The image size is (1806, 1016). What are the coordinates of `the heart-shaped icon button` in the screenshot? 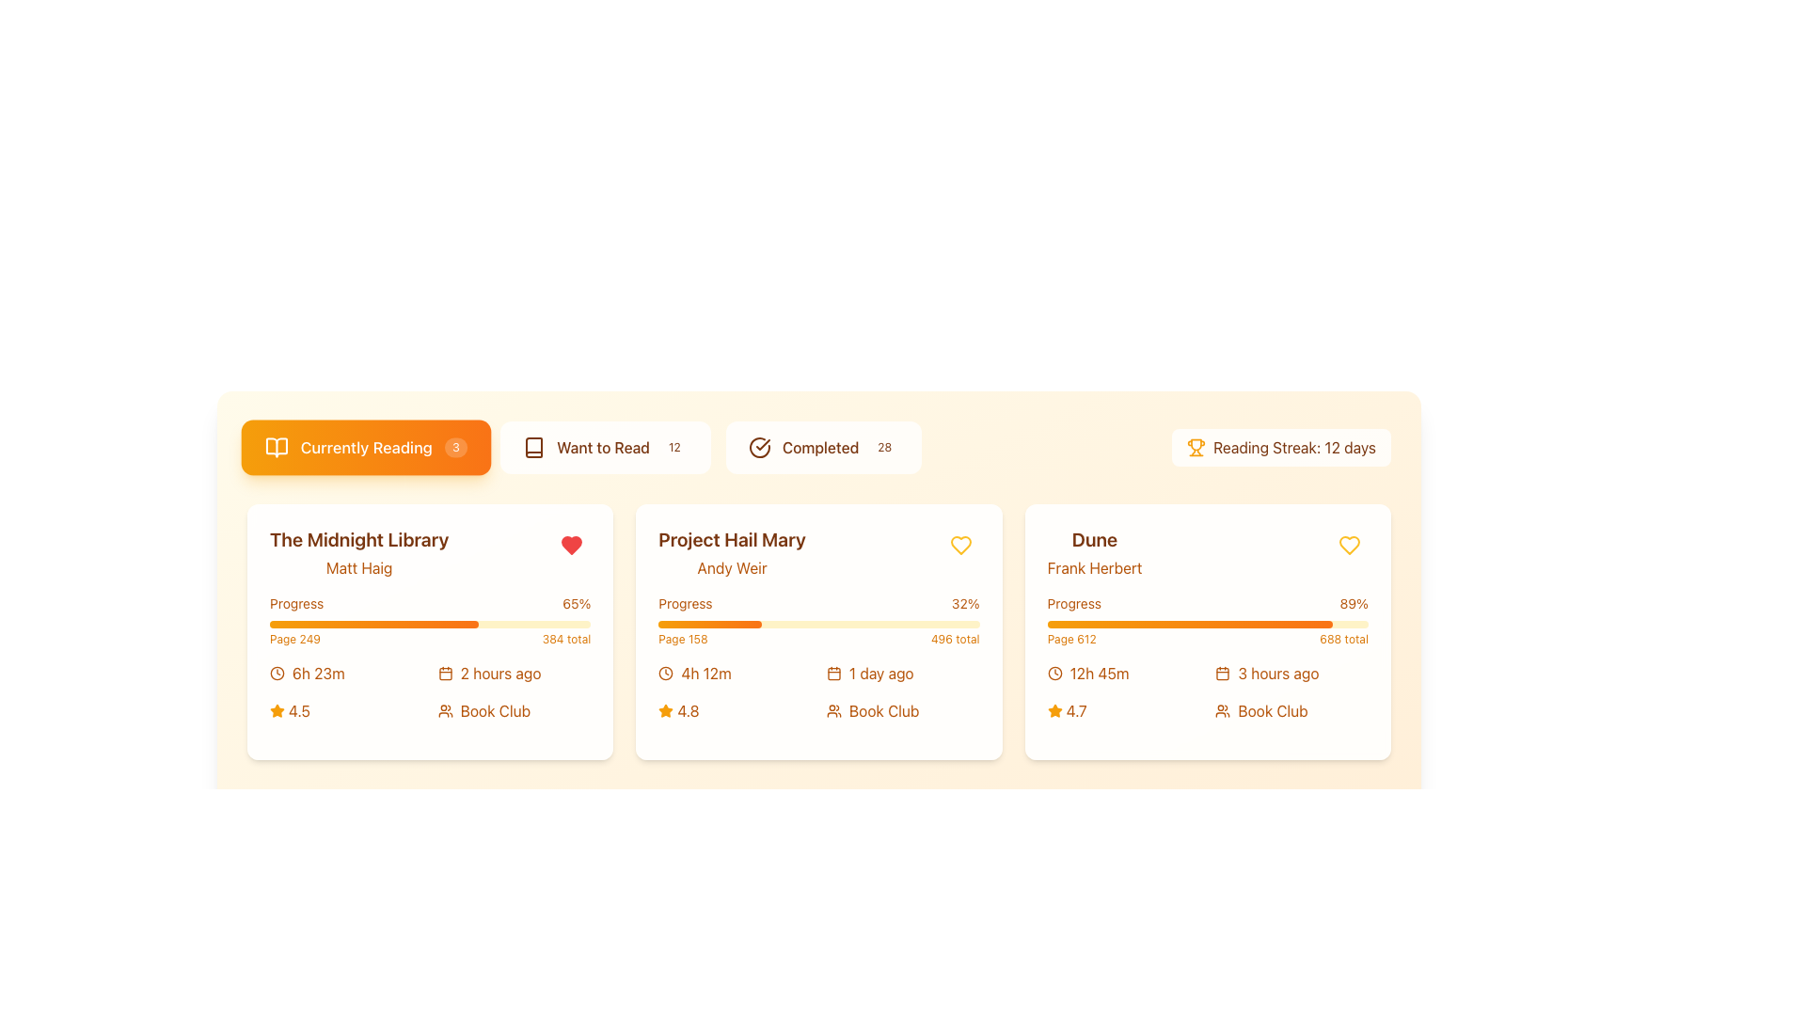 It's located at (1349, 545).